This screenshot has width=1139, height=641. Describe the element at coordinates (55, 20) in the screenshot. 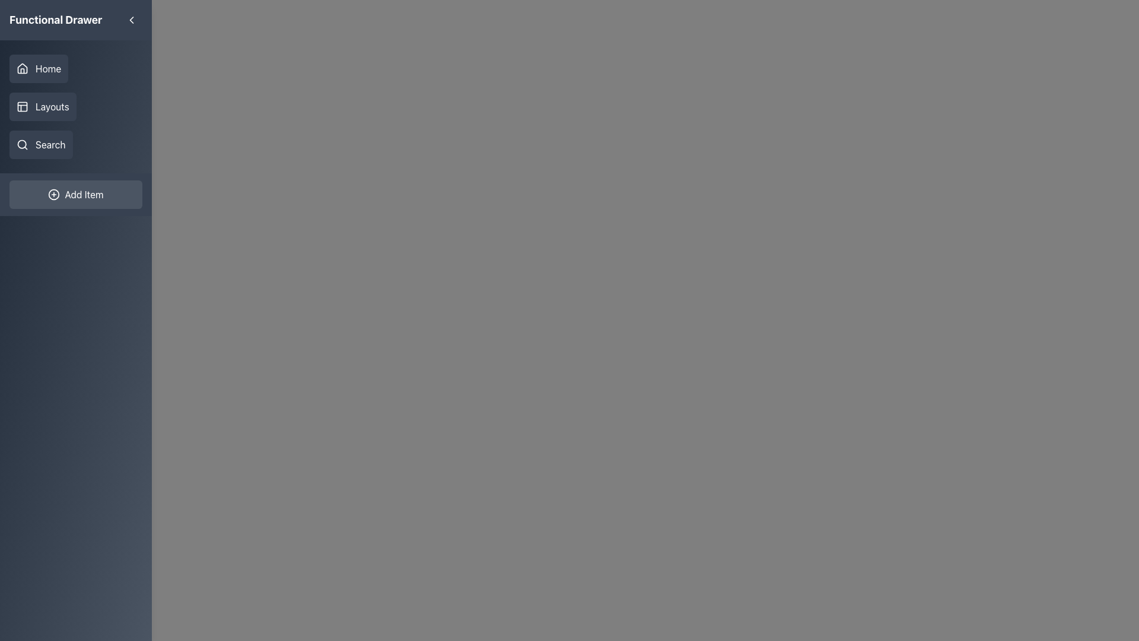

I see `the non-interactive Text Label that serves as a header for the sidebar, located in the top-left corner of the sidebar with a gray background` at that location.